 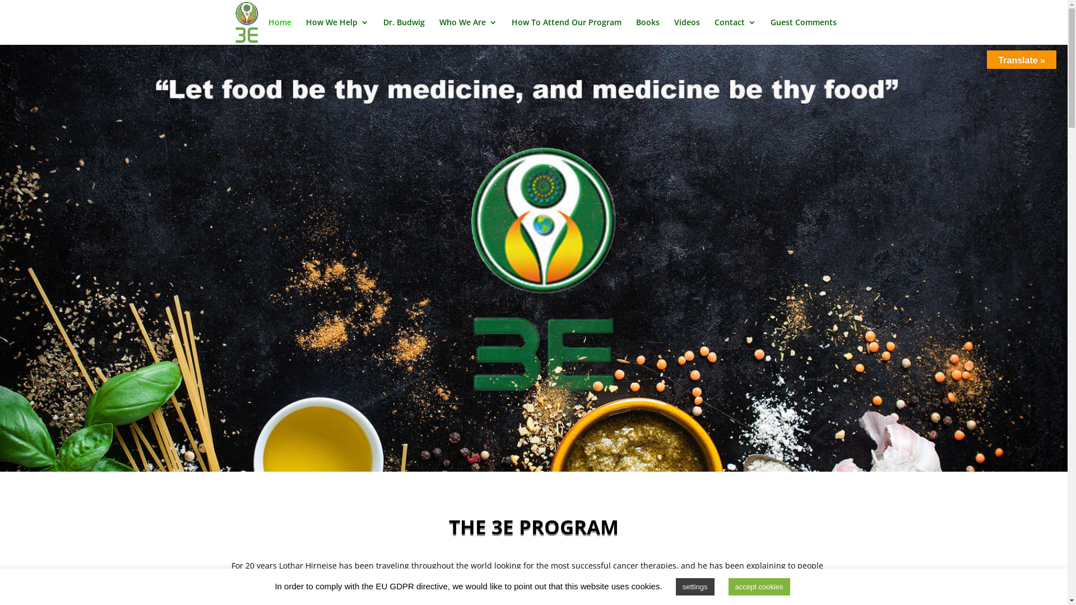 I want to click on 'Dr. Budwig', so click(x=403, y=31).